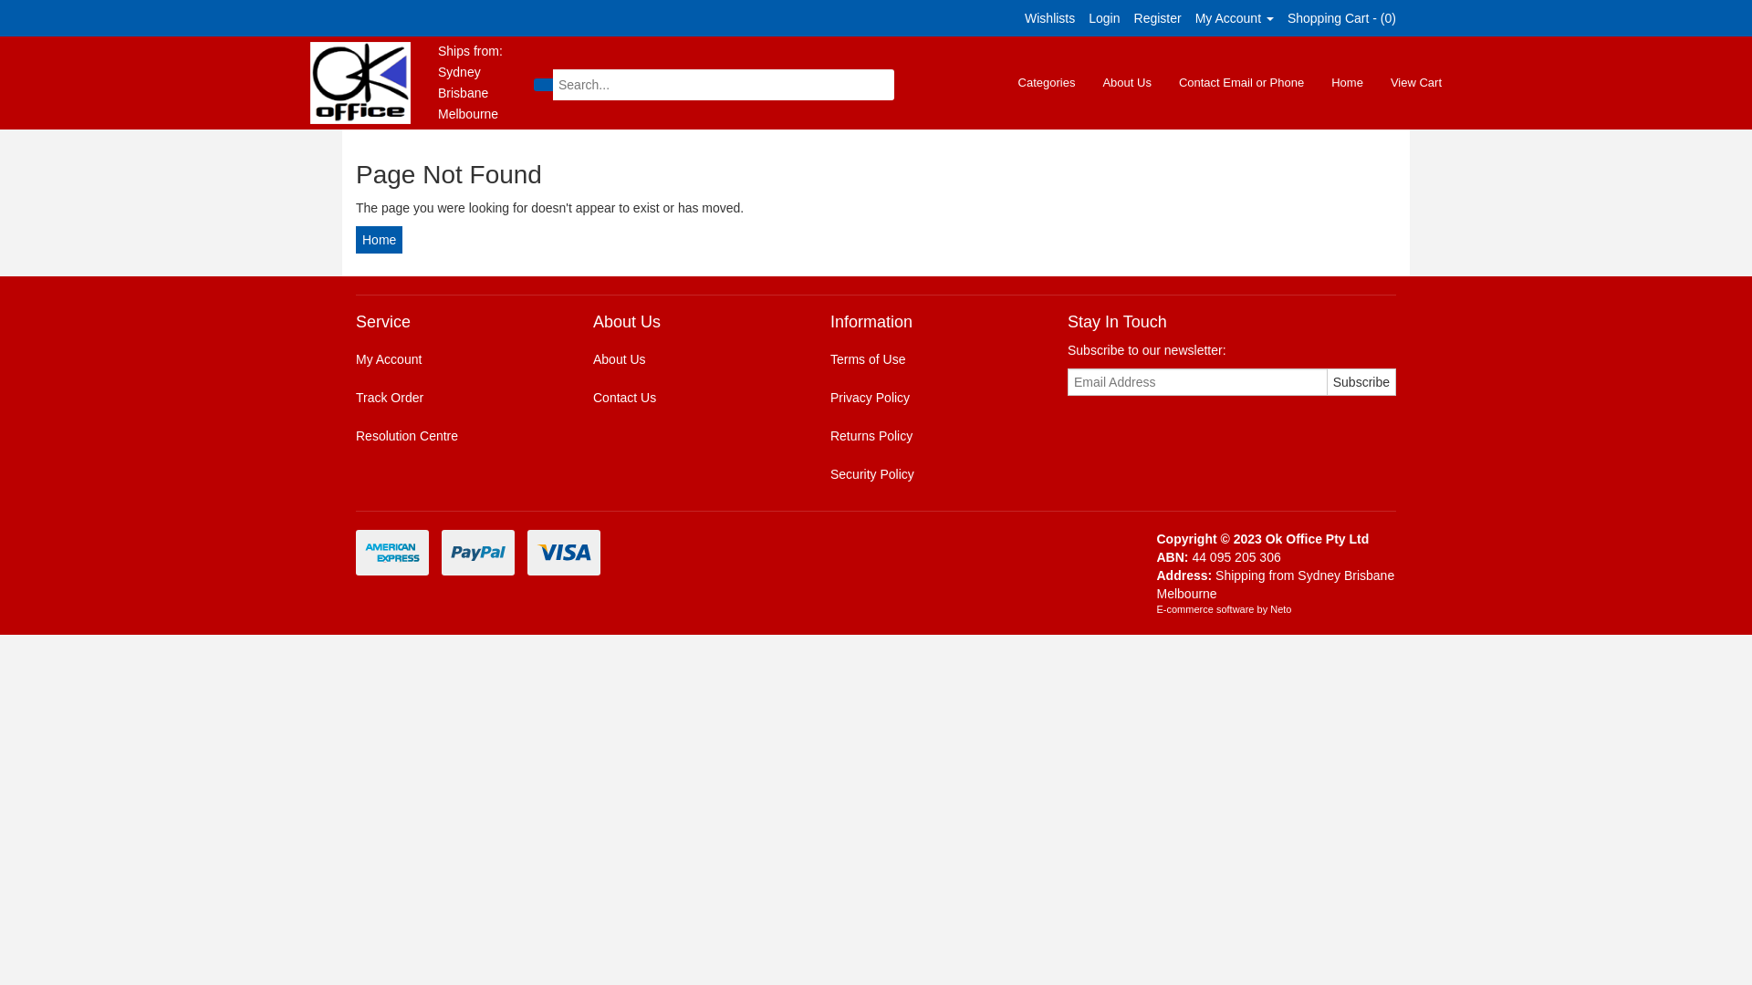 The width and height of the screenshot is (1752, 985). I want to click on 'Home', so click(378, 238).